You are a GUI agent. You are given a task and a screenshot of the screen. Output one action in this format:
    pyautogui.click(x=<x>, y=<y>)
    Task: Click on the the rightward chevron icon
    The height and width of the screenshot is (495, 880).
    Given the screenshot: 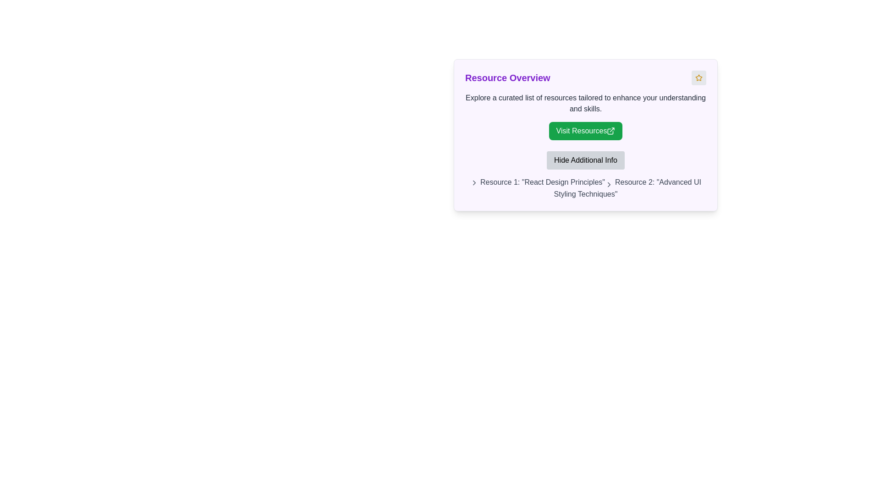 What is the action you would take?
    pyautogui.click(x=609, y=184)
    